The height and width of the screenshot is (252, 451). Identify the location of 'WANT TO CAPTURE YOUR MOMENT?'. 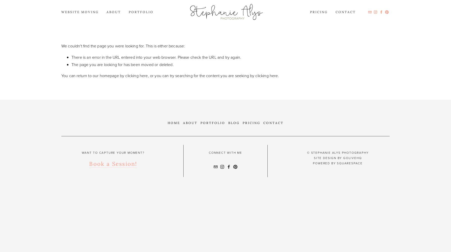
(113, 152).